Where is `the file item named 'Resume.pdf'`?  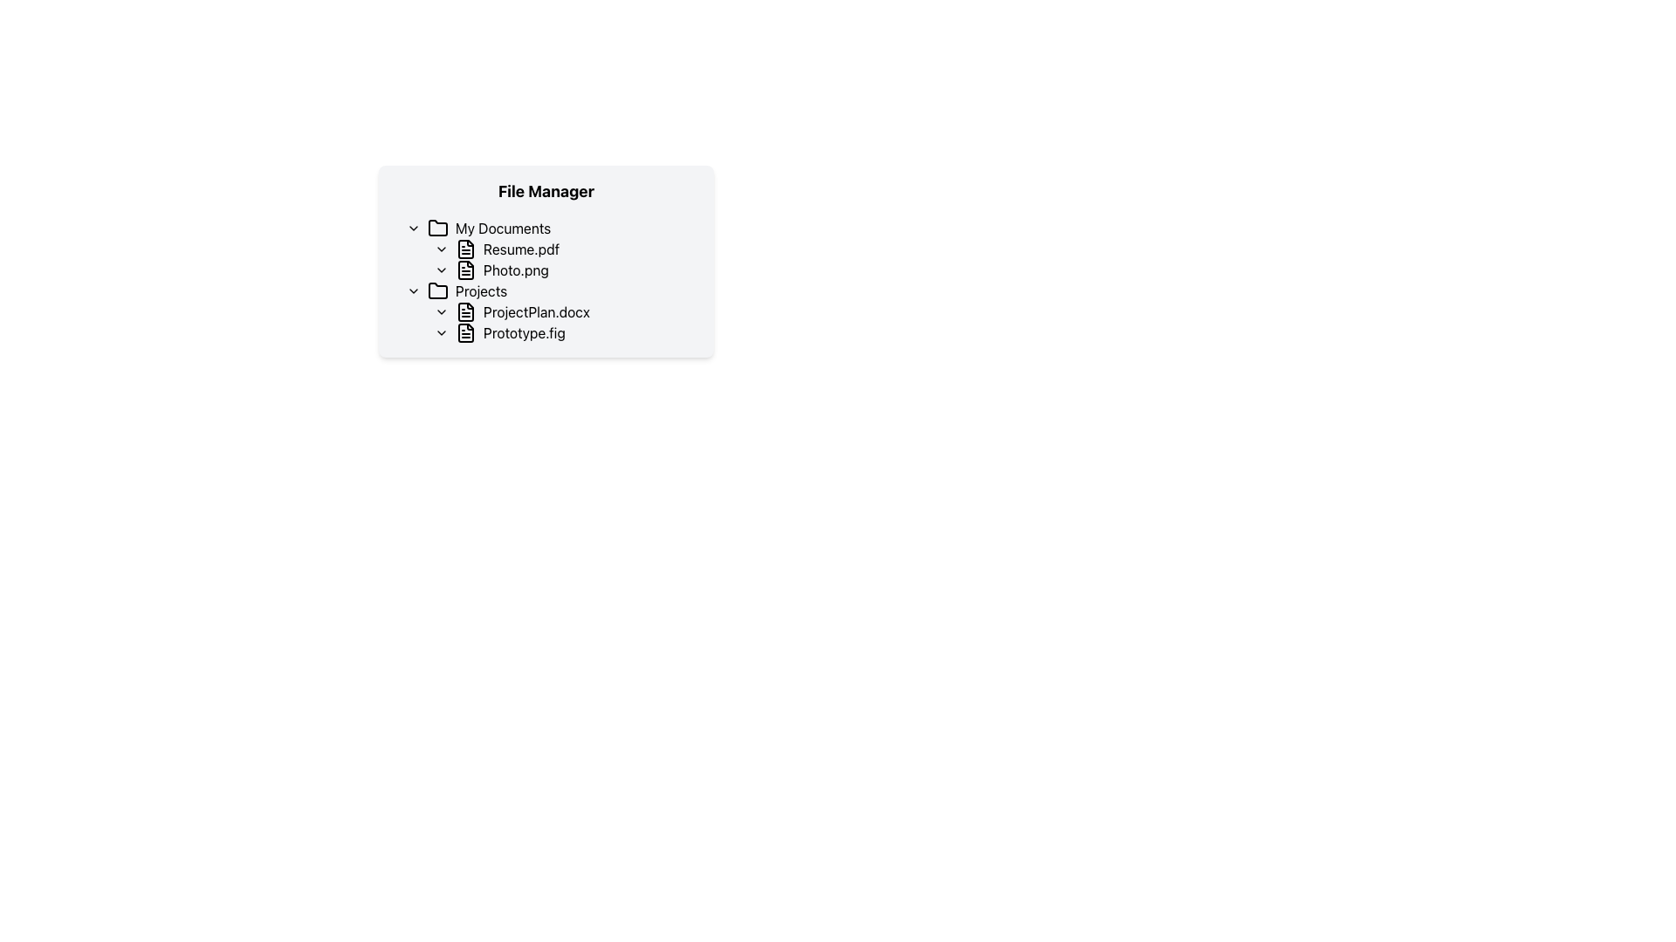
the file item named 'Resume.pdf' is located at coordinates (552, 249).